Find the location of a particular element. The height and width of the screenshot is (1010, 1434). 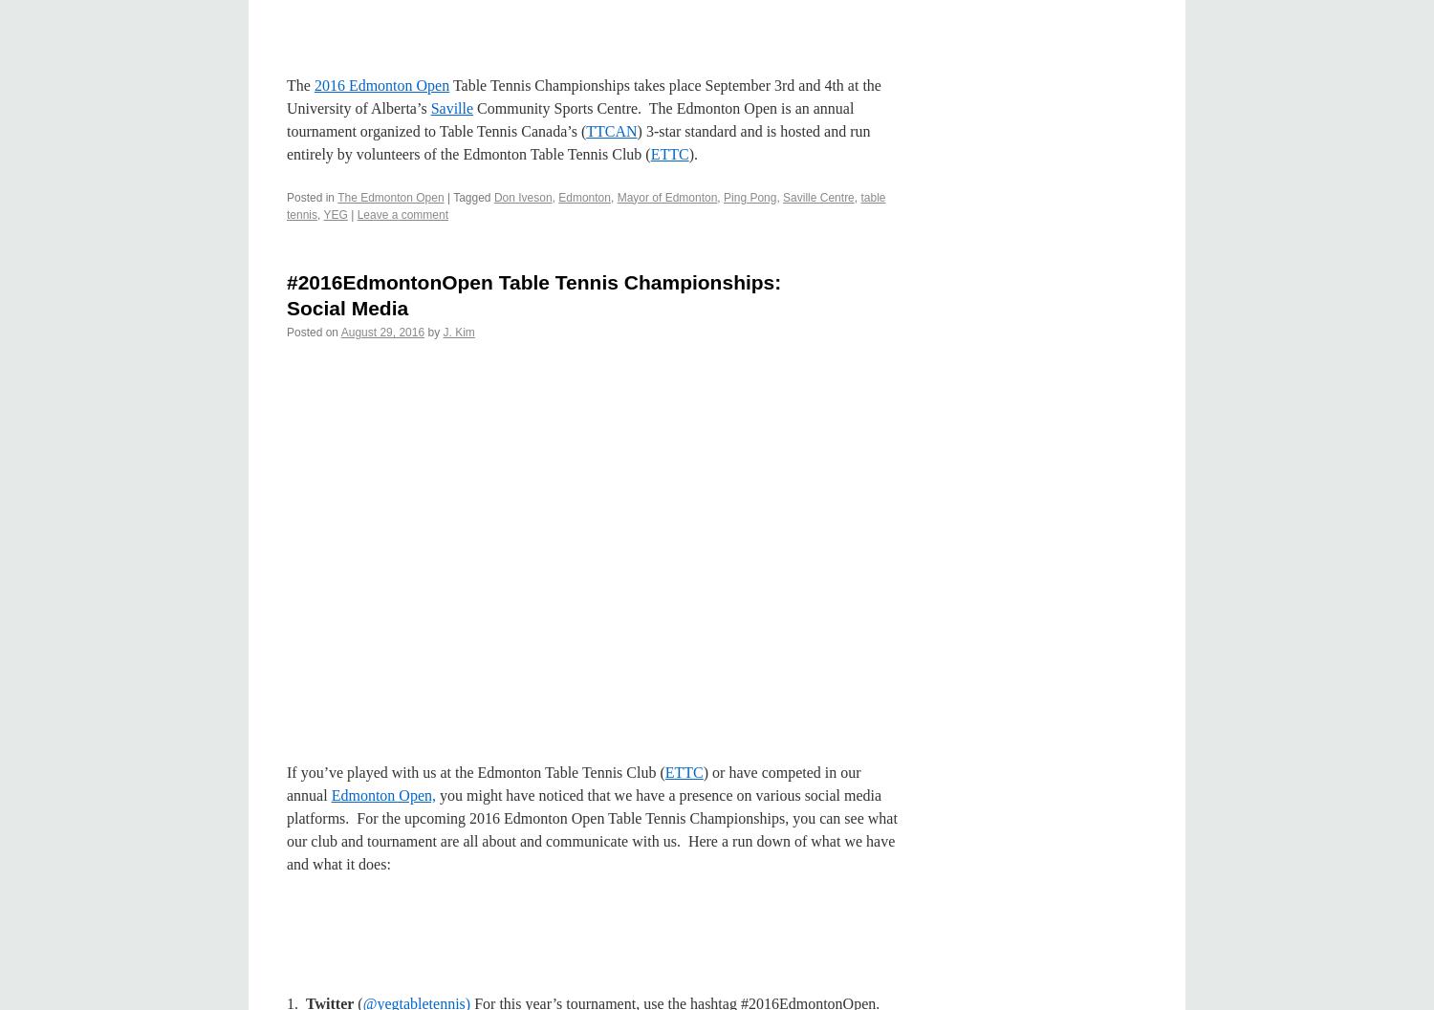

'The Edmonton Open' is located at coordinates (390, 197).